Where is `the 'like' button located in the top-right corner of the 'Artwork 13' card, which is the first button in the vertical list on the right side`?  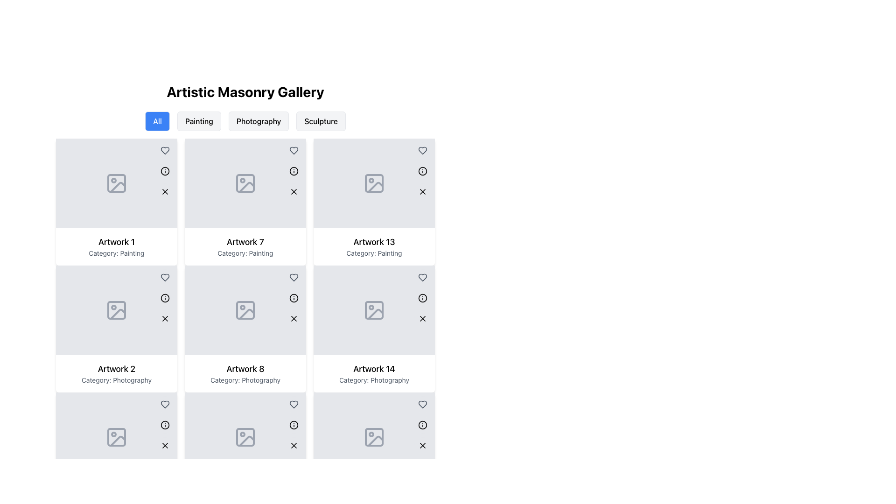
the 'like' button located in the top-right corner of the 'Artwork 13' card, which is the first button in the vertical list on the right side is located at coordinates (422, 277).